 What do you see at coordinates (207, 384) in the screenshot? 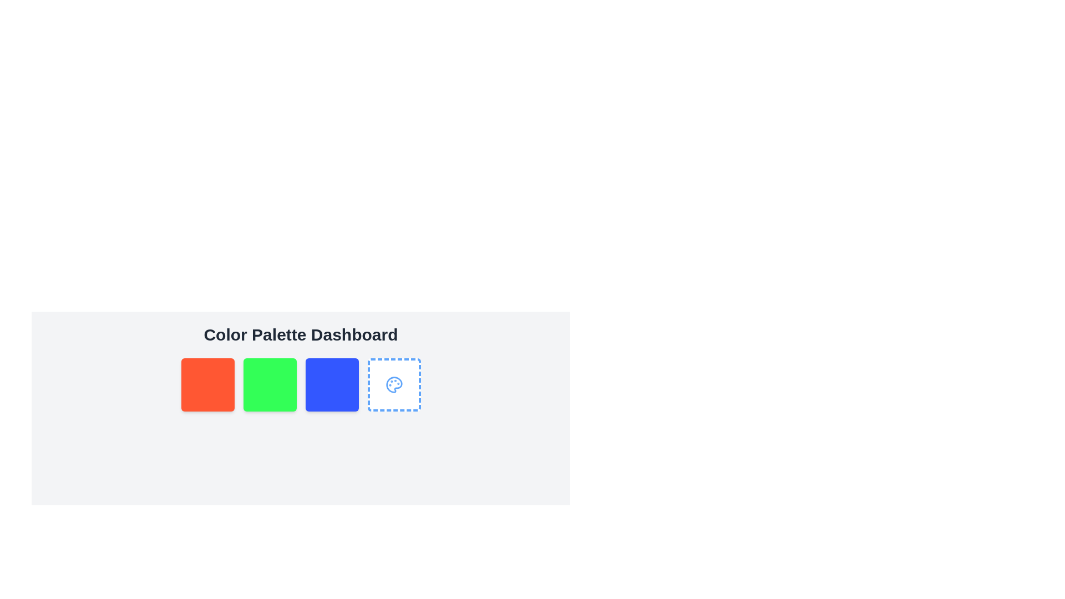
I see `the solid red color swatch, which is a square-shaped component with rounded edges, located under the 'Color Palette Dashboard' title` at bounding box center [207, 384].